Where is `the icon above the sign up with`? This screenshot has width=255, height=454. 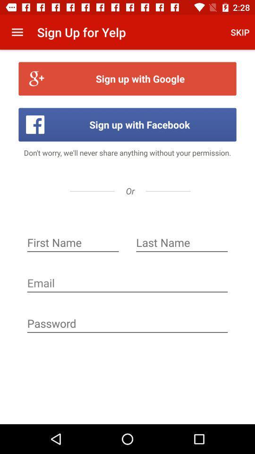
the icon above the sign up with is located at coordinates (17, 32).